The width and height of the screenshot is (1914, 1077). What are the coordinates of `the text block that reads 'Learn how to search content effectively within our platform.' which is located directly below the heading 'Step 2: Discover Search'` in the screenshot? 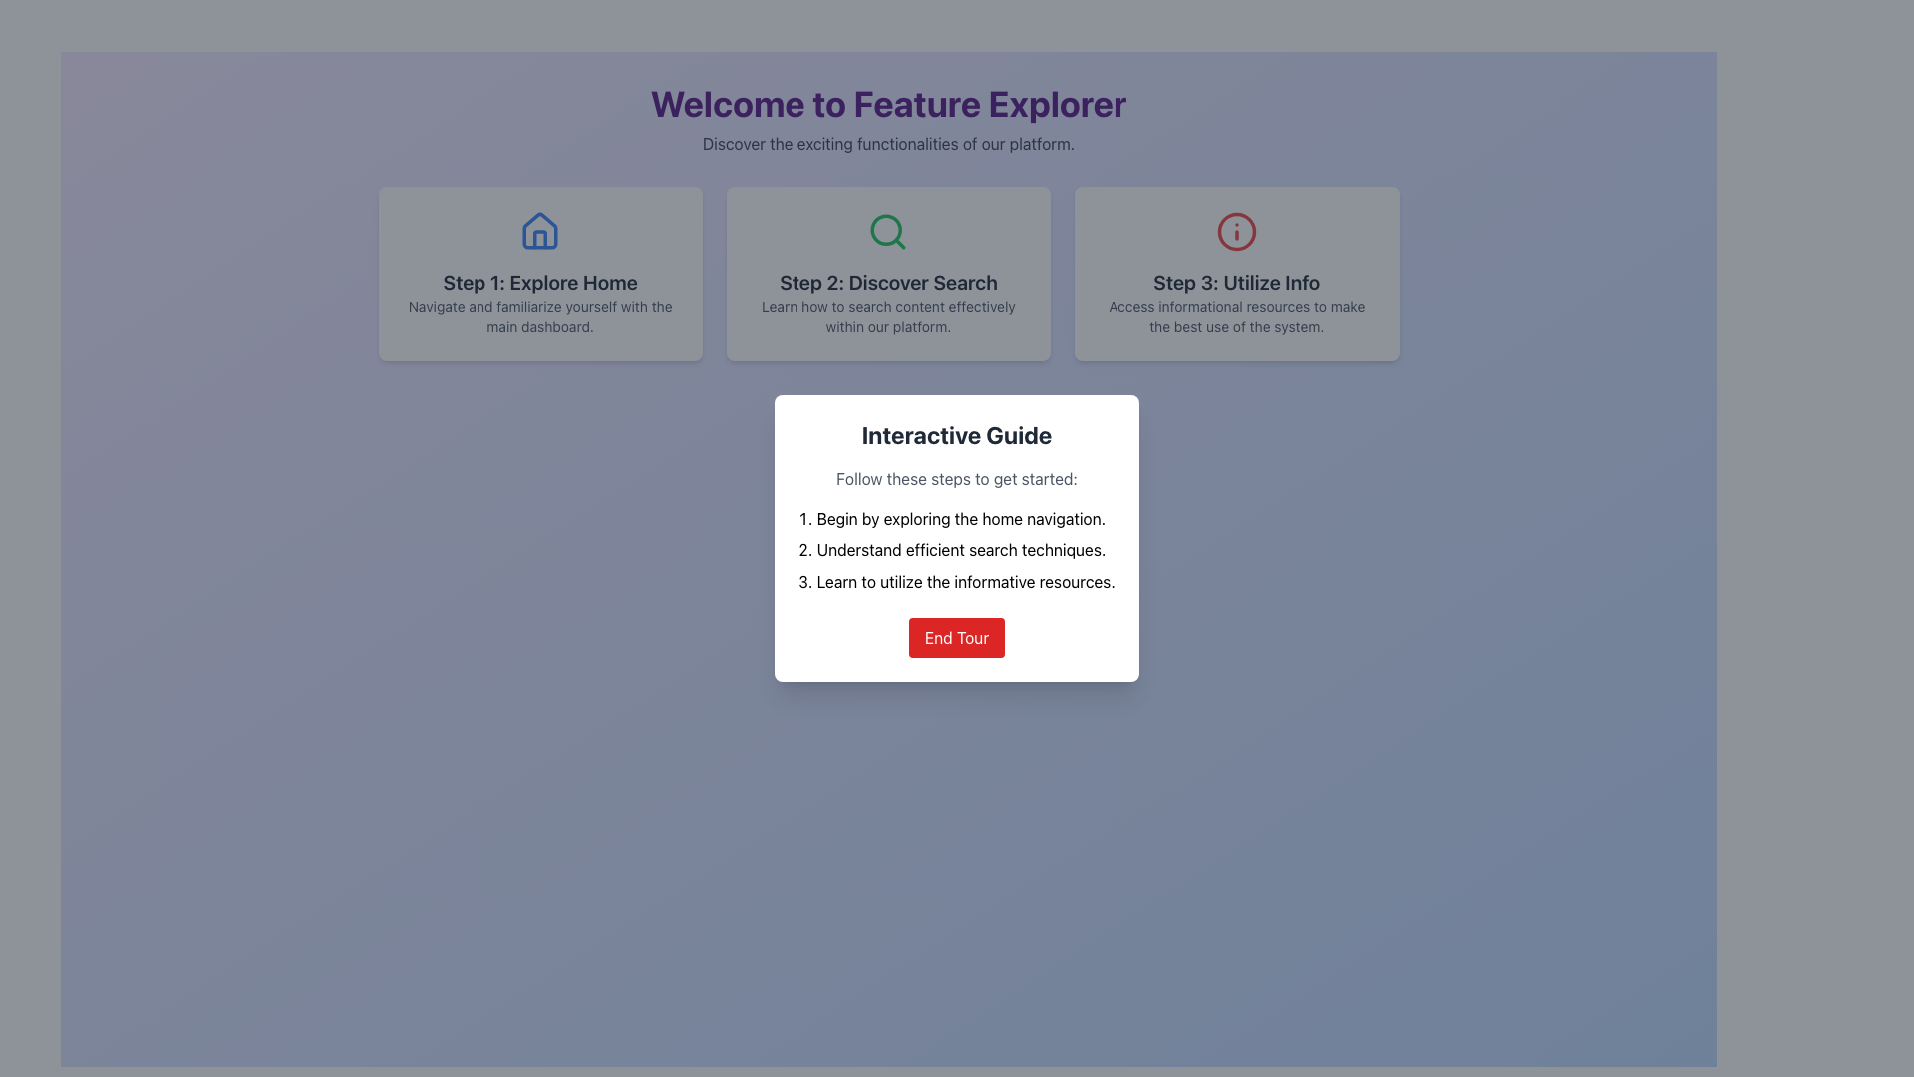 It's located at (887, 315).